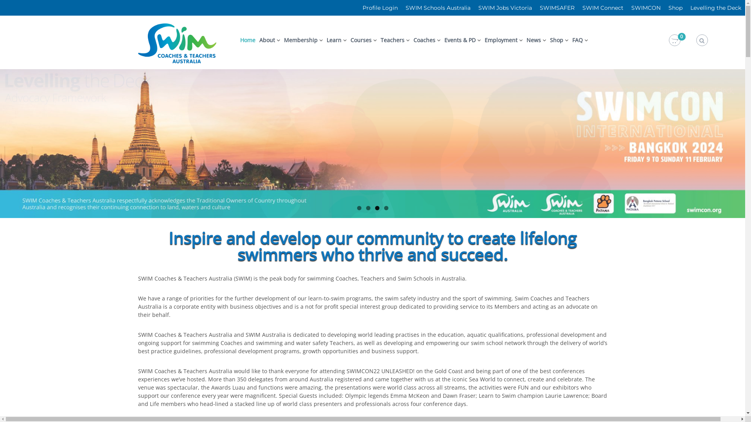 The height and width of the screenshot is (422, 751). What do you see at coordinates (674, 40) in the screenshot?
I see `'0'` at bounding box center [674, 40].